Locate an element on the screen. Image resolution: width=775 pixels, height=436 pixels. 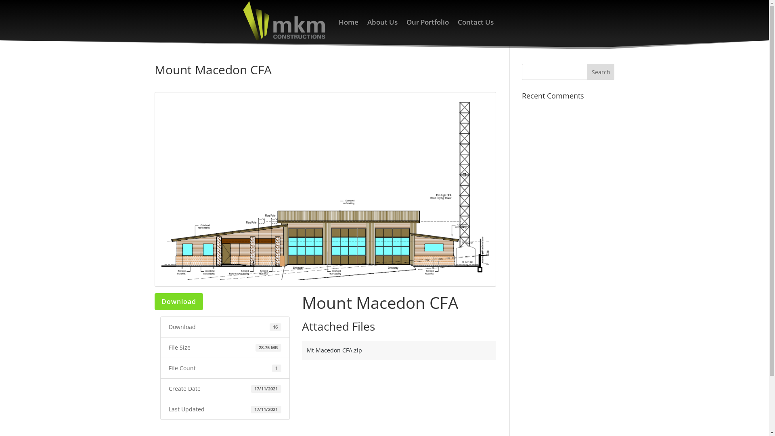
'Home' is located at coordinates (348, 22).